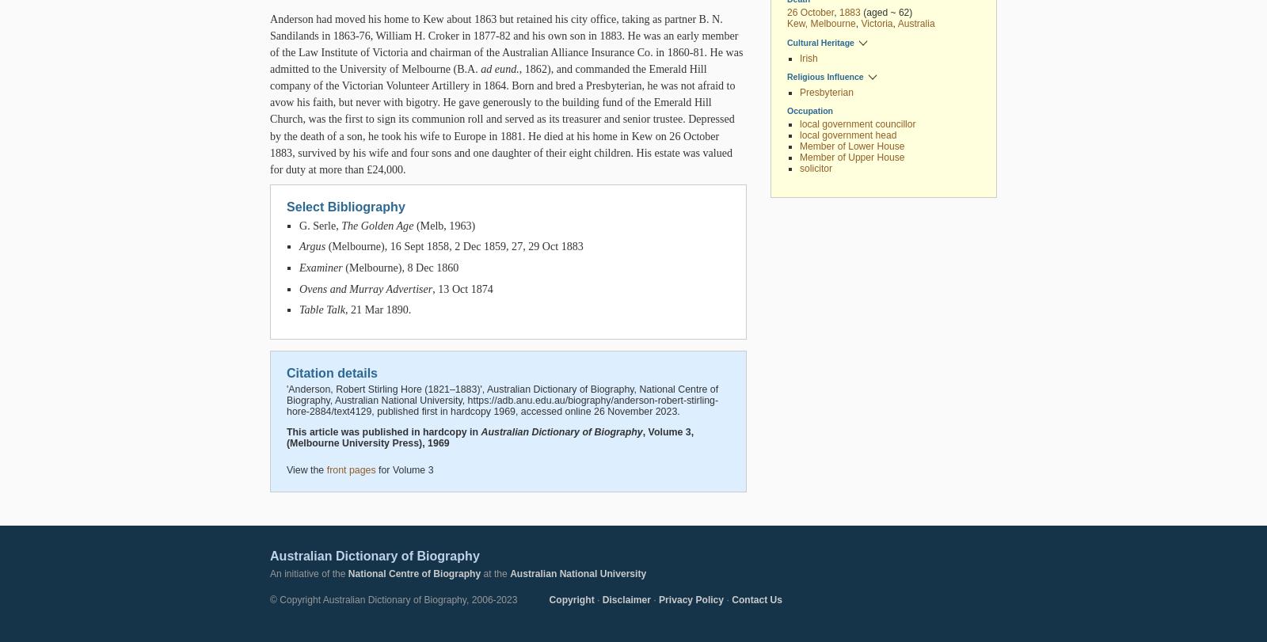 Image resolution: width=1267 pixels, height=642 pixels. Describe the element at coordinates (403, 469) in the screenshot. I see `'for Volume 3'` at that location.